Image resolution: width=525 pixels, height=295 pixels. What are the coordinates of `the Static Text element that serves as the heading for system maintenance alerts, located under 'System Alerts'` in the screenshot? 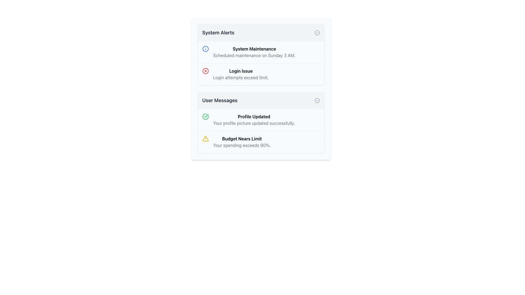 It's located at (254, 48).